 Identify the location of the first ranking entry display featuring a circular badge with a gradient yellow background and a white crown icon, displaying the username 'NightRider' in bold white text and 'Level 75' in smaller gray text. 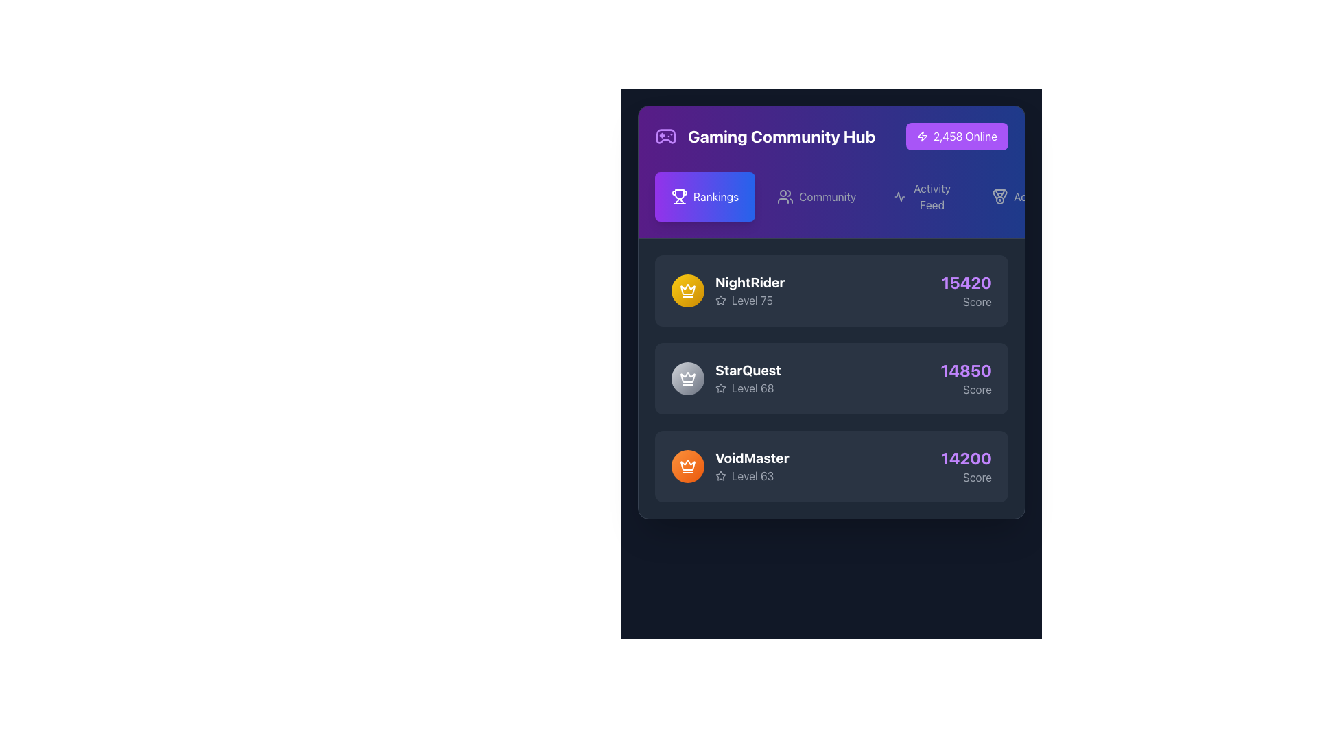
(727, 290).